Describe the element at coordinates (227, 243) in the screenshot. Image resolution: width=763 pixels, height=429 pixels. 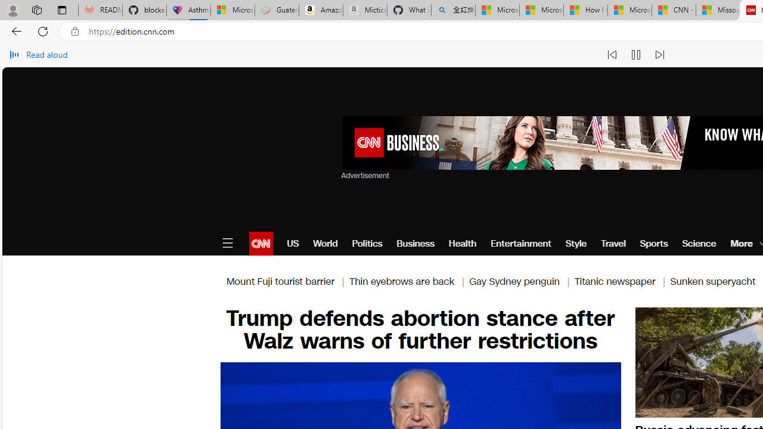
I see `'Open Menu Icon'` at that location.